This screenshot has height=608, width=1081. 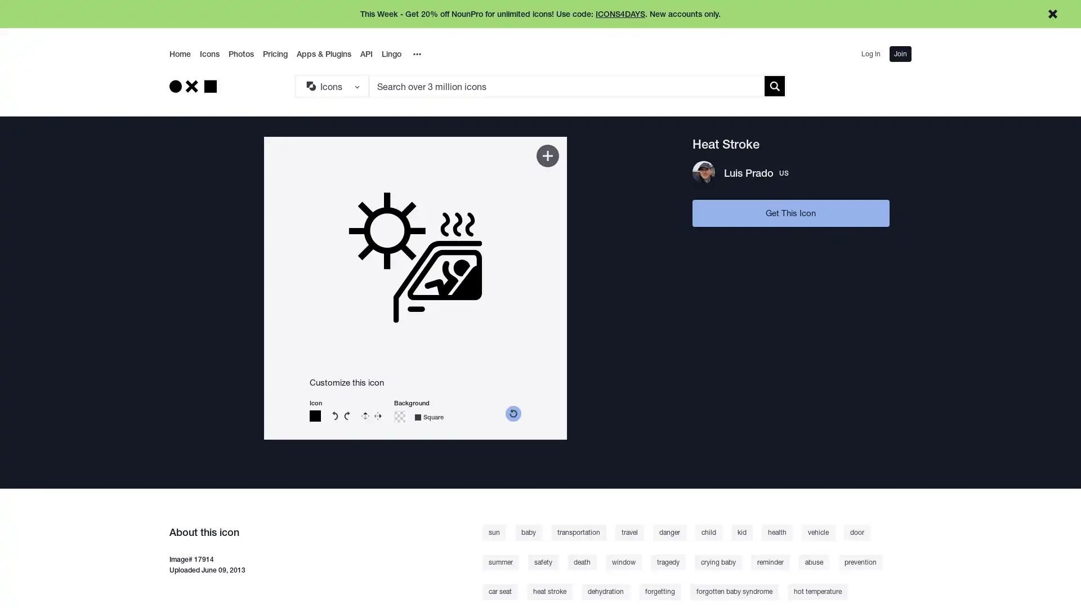 I want to click on Reverse, so click(x=377, y=416).